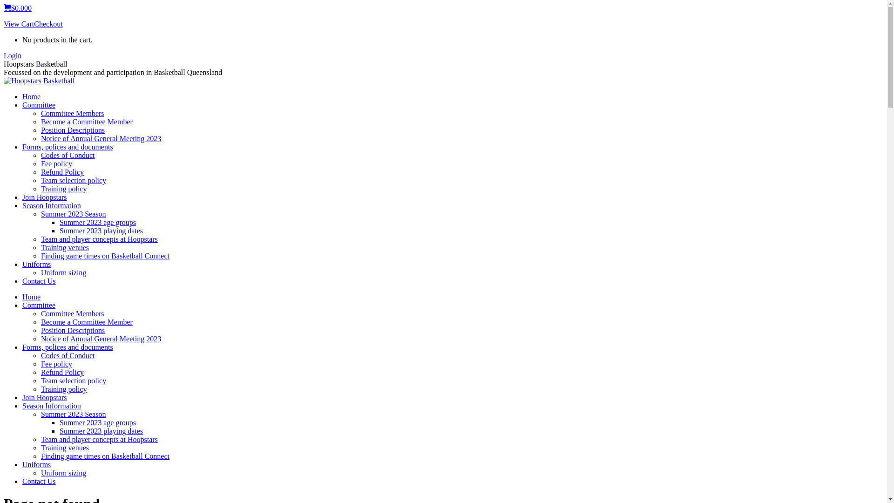 Image resolution: width=894 pixels, height=503 pixels. What do you see at coordinates (56, 163) in the screenshot?
I see `'Fee policy'` at bounding box center [56, 163].